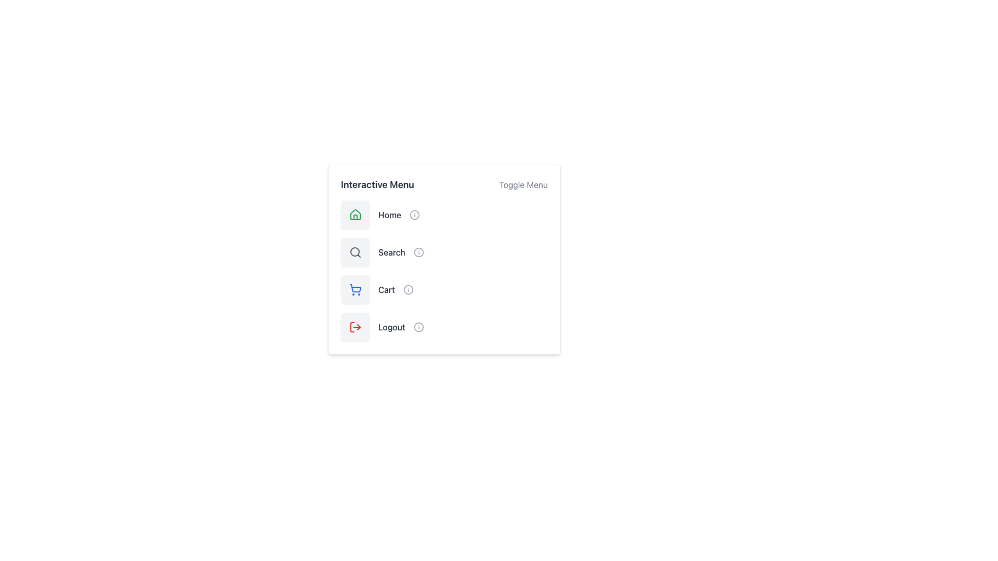 The height and width of the screenshot is (561, 998). What do you see at coordinates (356, 288) in the screenshot?
I see `the shopping cart icon, which is the third item in the vertical menu located on the right side of the interface, to initiate interaction` at bounding box center [356, 288].